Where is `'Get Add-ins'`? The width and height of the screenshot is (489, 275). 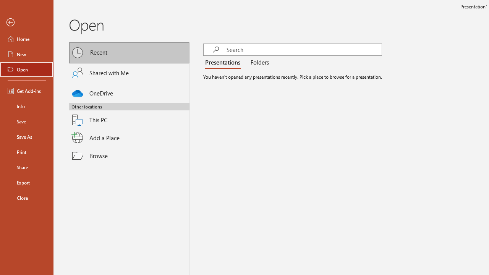
'Get Add-ins' is located at coordinates (26, 90).